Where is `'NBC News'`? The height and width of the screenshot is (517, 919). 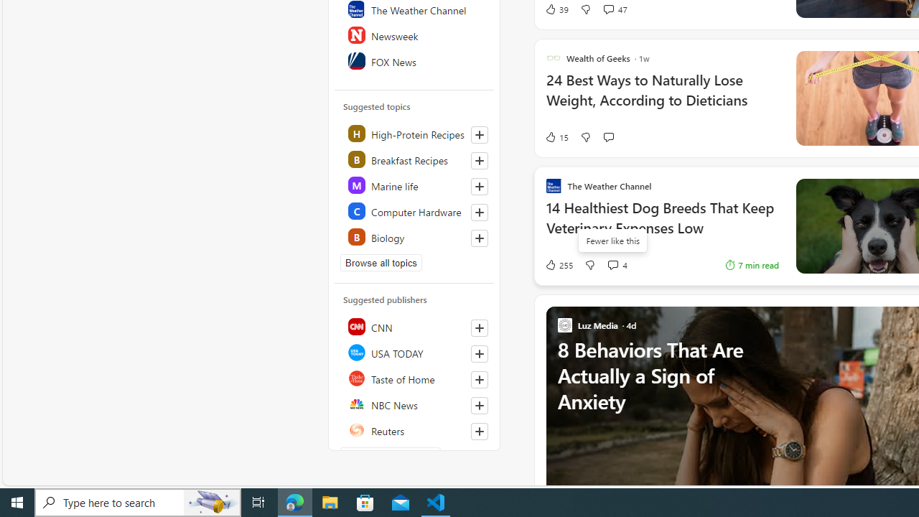 'NBC News' is located at coordinates (414, 404).